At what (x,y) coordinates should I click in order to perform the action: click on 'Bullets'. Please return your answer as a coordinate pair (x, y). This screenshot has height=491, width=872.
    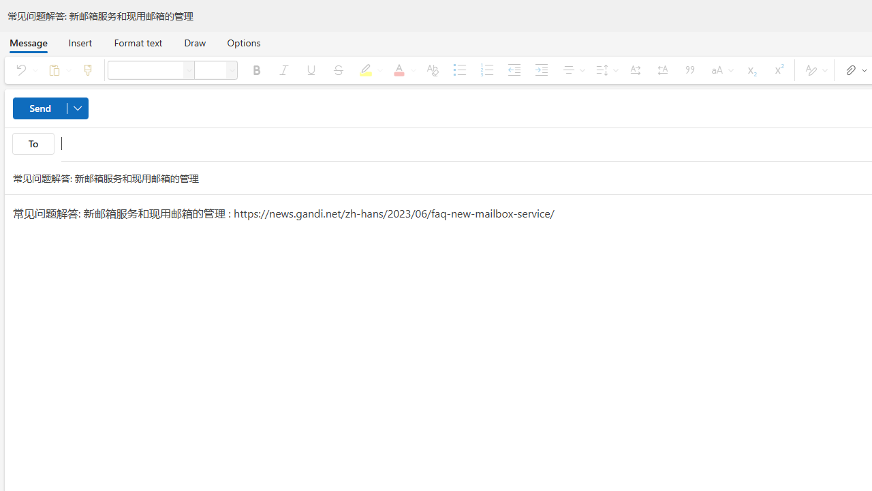
    Looking at the image, I should click on (460, 70).